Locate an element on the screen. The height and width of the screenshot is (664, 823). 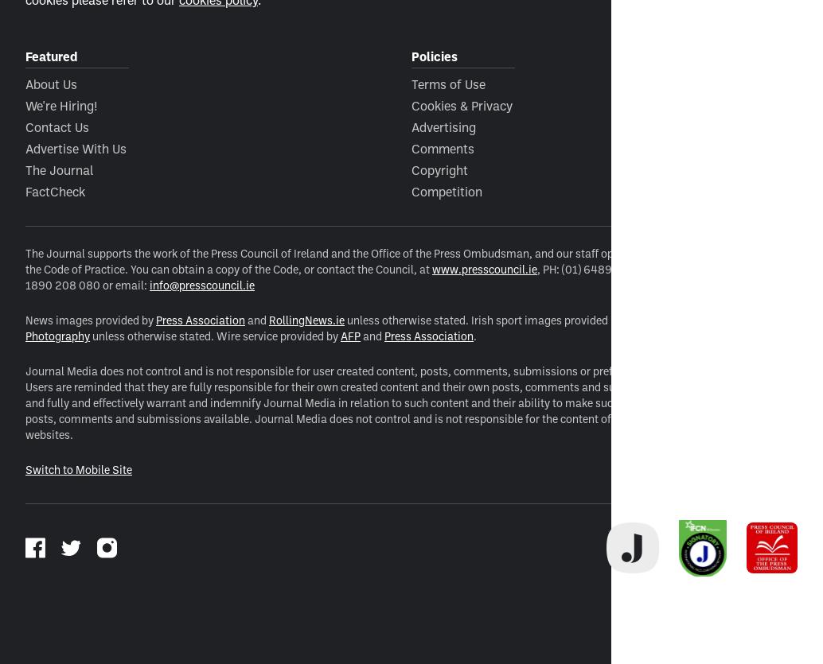
'We're Hiring!' is located at coordinates (61, 104).